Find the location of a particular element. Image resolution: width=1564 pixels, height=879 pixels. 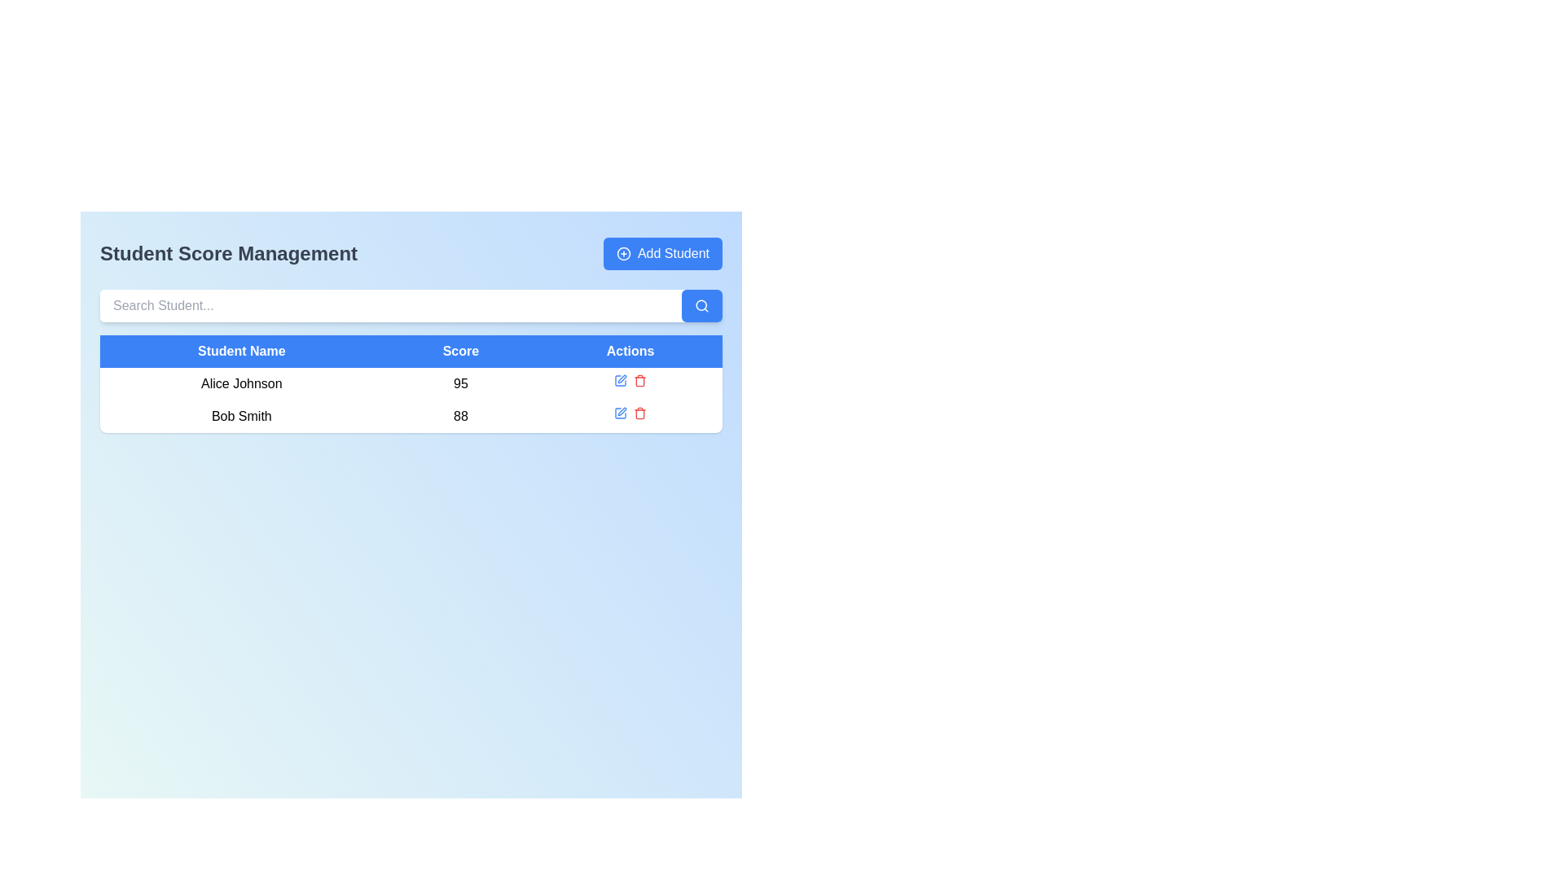

the 'Student Name' header, which is displayed in bold white font on a blue rectangular background, located in the top-left section of the table's header row is located at coordinates (240, 351).